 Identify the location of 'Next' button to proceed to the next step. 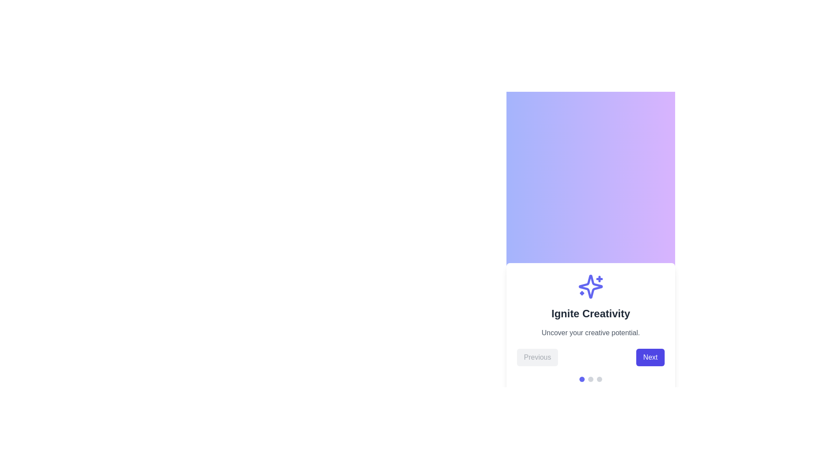
(650, 357).